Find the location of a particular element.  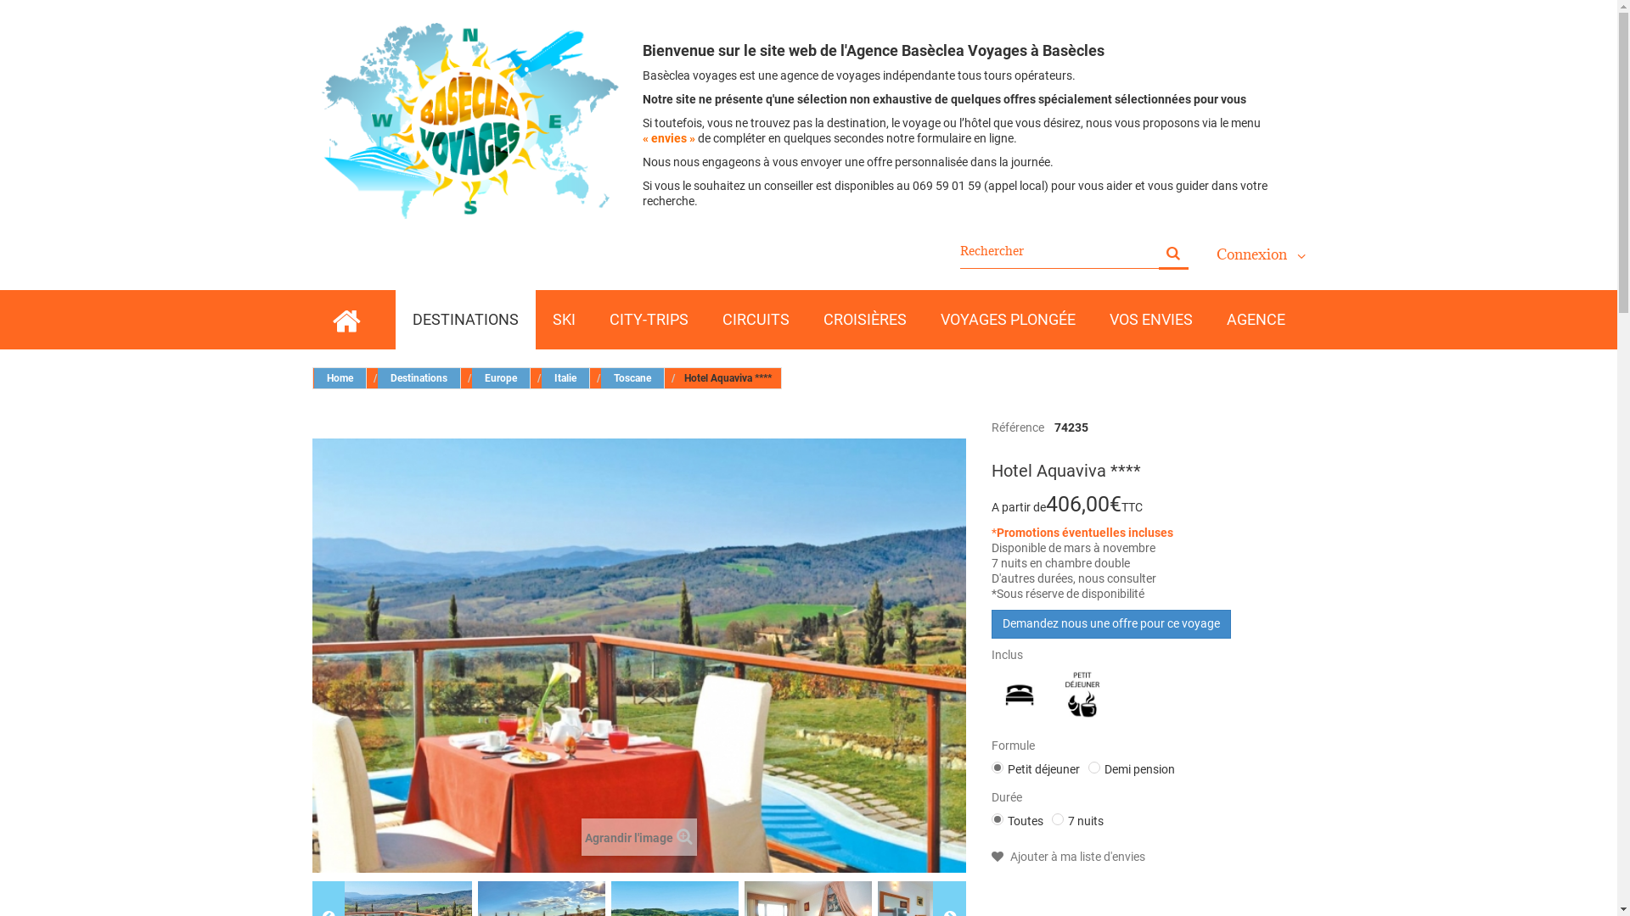

'Toscane' is located at coordinates (632, 377).